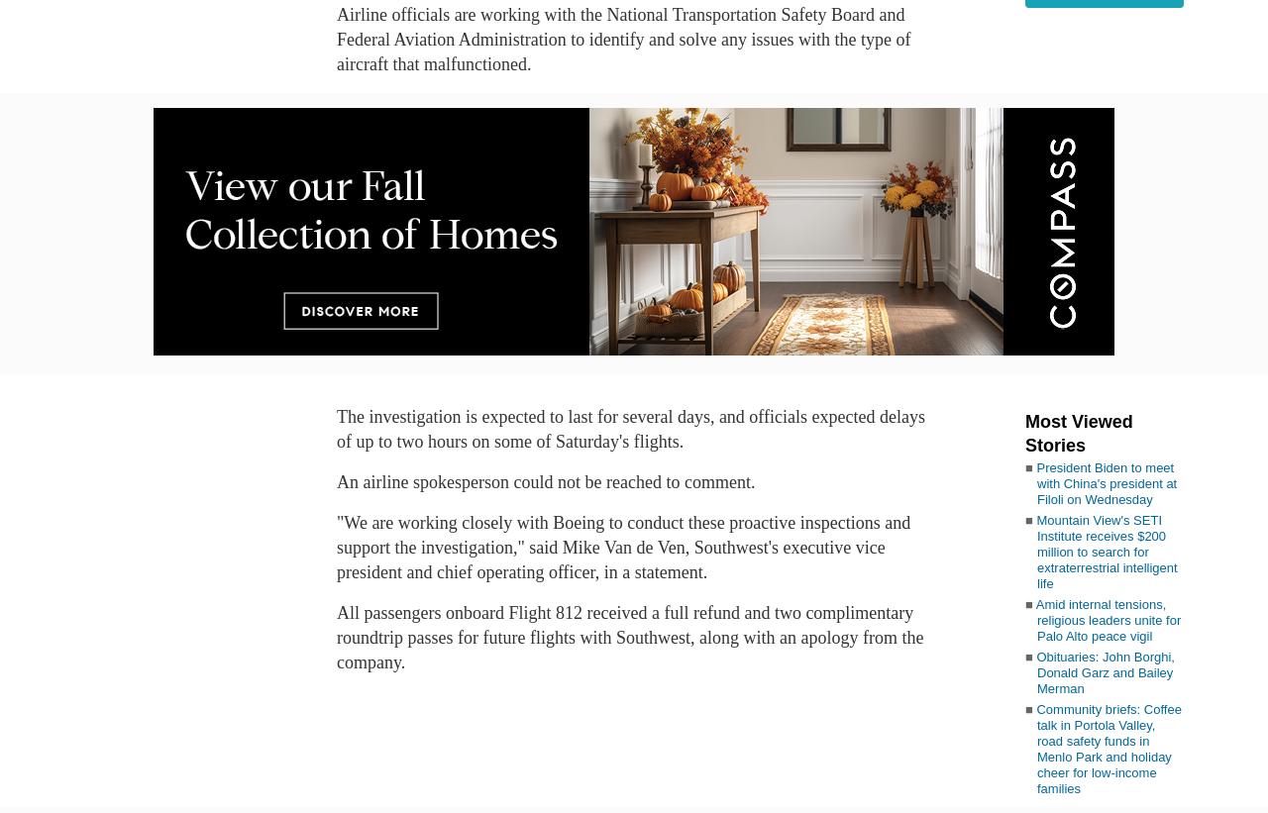 The width and height of the screenshot is (1268, 813). Describe the element at coordinates (622, 38) in the screenshot. I see `'Airline officials are working with the National Transportation Safety Board and Federal Aviation Administration to identify and solve any issues with the type of aircraft that malfunctioned.'` at that location.